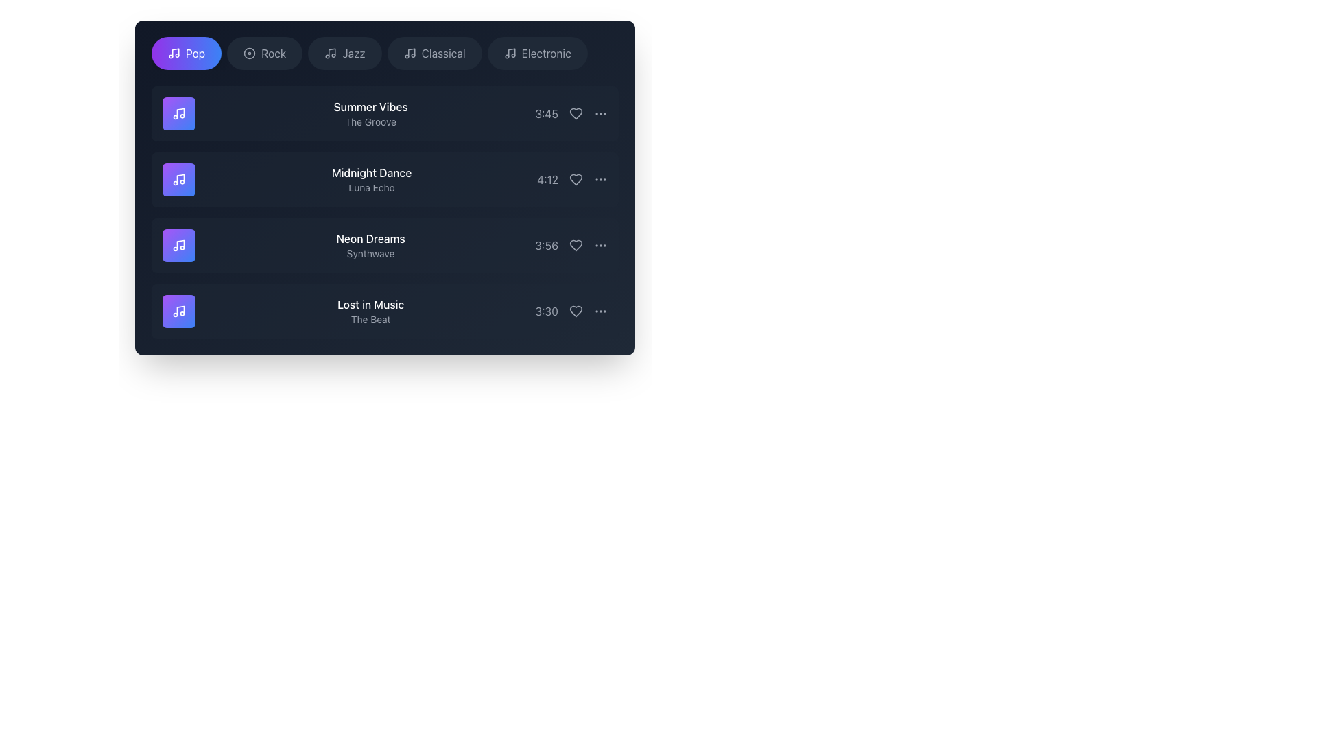  I want to click on the heart-shaped favorite button located to the right of the 'Lost in Music' list item, so click(576, 311).